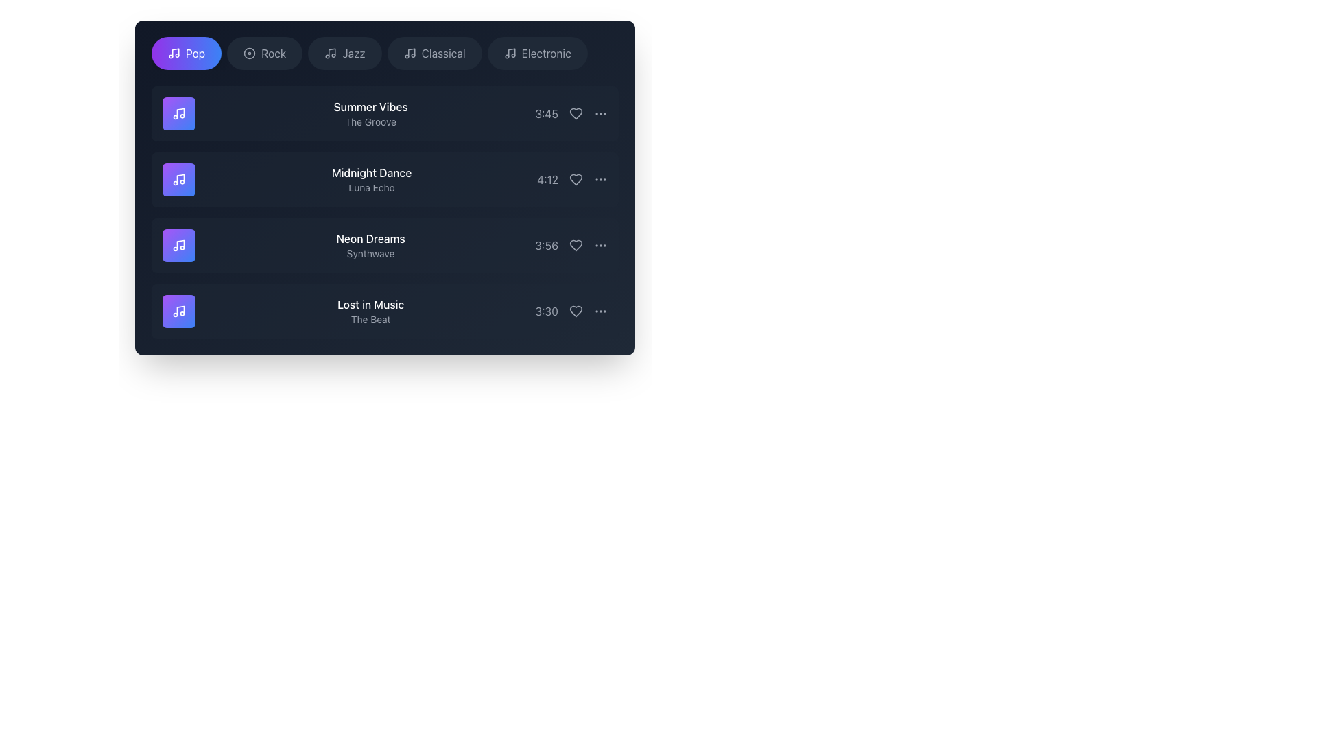  I want to click on the heart-shaped favorite button located to the right of the 'Lost in Music' list item, so click(576, 311).